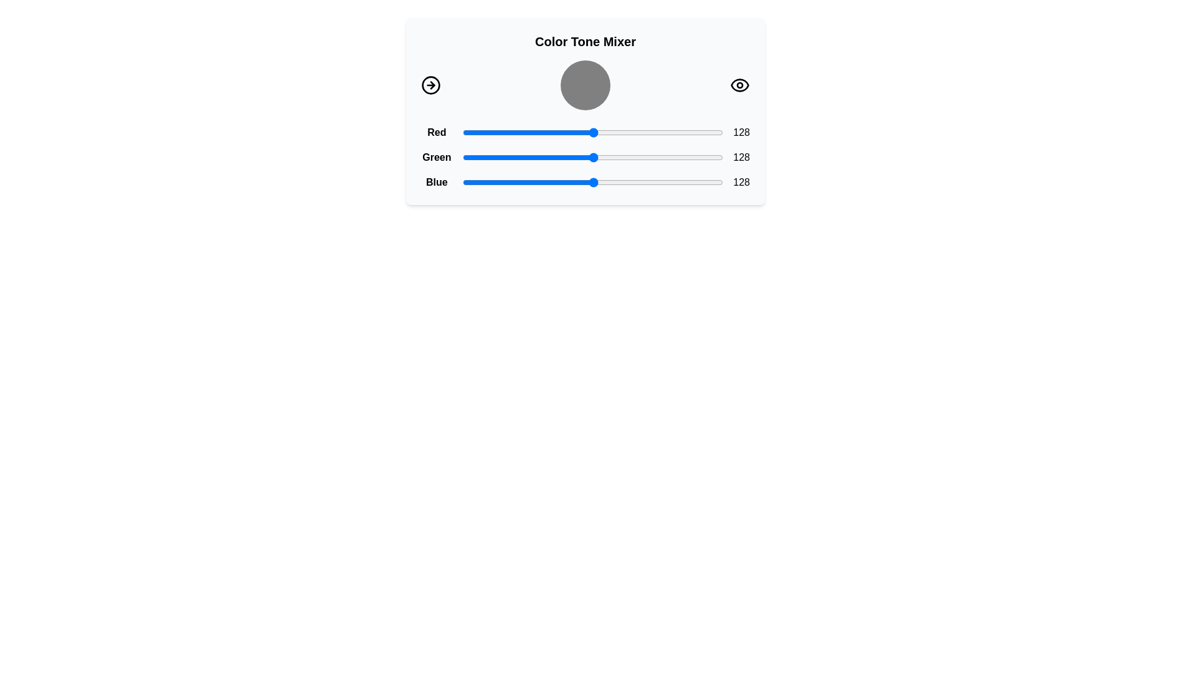 This screenshot has height=673, width=1196. What do you see at coordinates (510, 157) in the screenshot?
I see `green color intensity` at bounding box center [510, 157].